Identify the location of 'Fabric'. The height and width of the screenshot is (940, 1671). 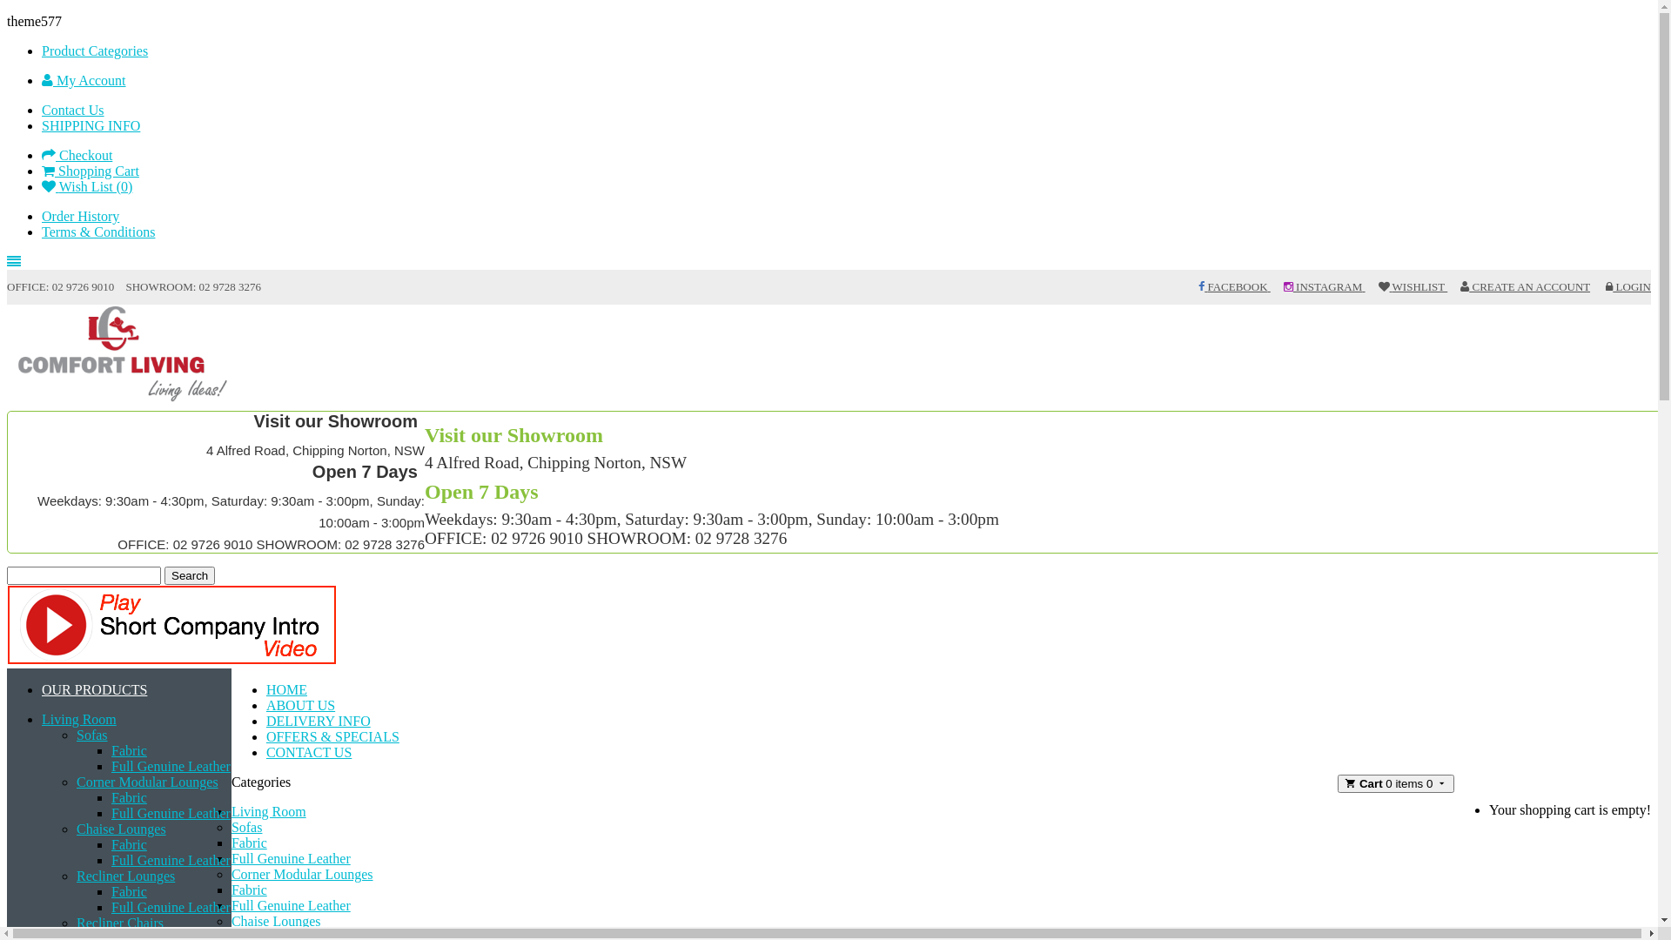
(128, 891).